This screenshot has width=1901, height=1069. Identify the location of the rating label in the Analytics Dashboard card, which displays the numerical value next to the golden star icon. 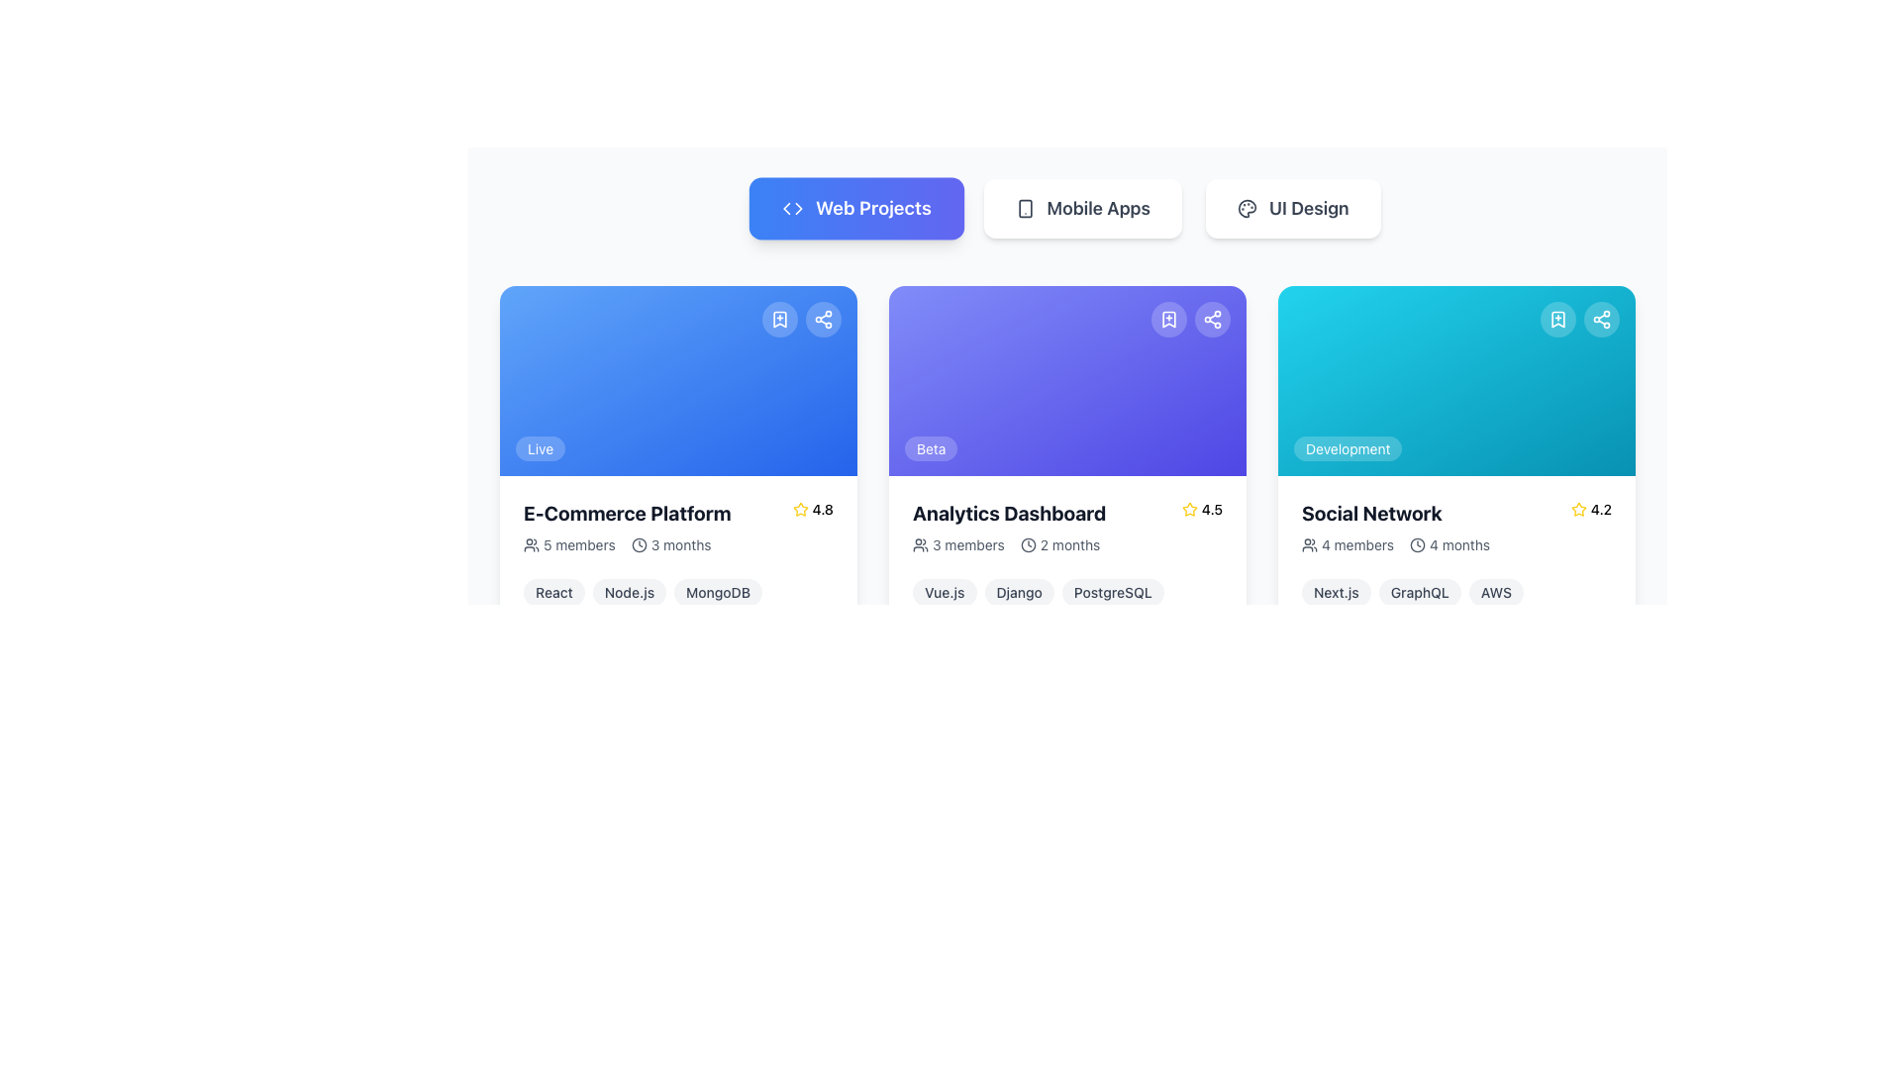
(1211, 509).